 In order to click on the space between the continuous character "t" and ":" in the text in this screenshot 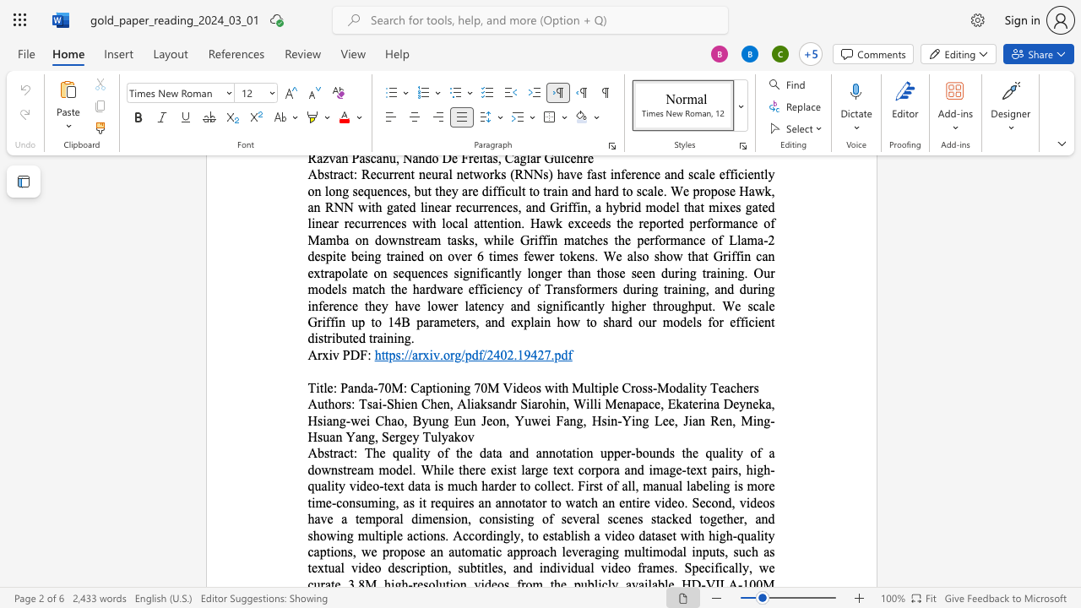, I will do `click(352, 452)`.